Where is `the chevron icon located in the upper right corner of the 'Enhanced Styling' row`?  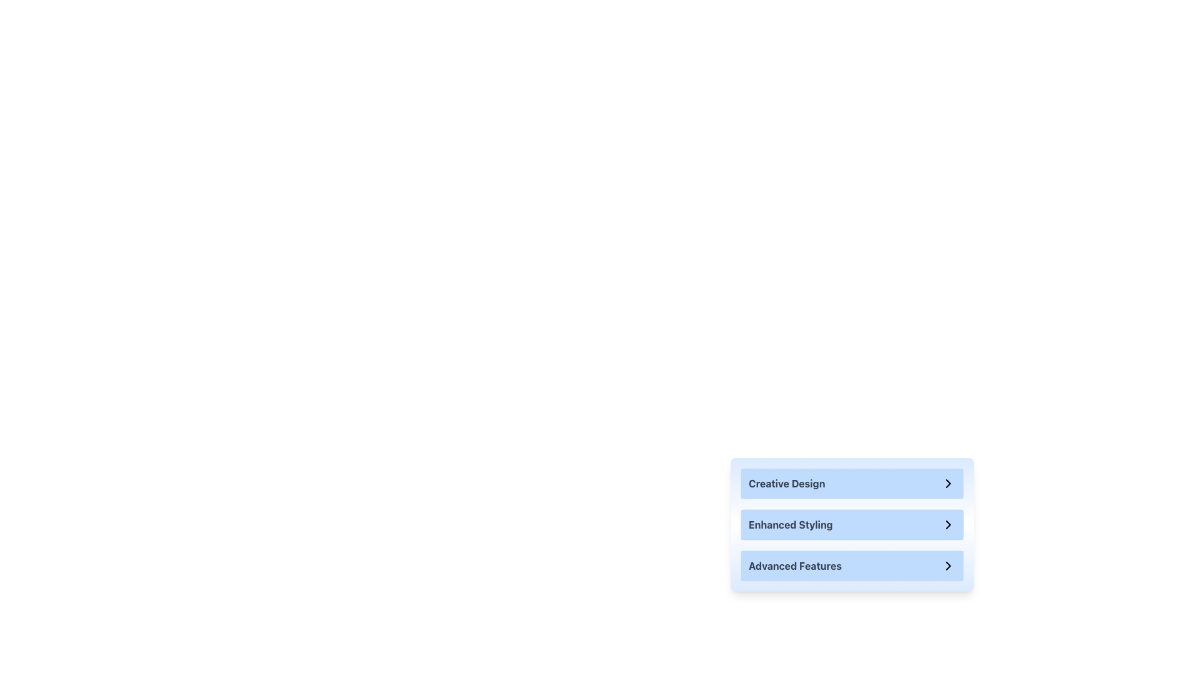
the chevron icon located in the upper right corner of the 'Enhanced Styling' row is located at coordinates (948, 524).